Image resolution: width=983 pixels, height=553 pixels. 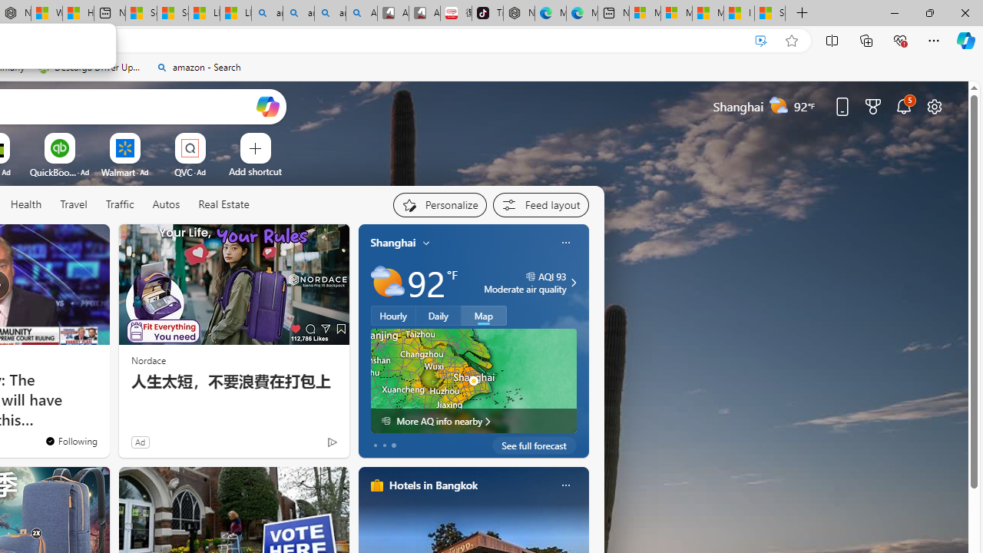 I want to click on 'Hotels in Bangkok', so click(x=432, y=485).